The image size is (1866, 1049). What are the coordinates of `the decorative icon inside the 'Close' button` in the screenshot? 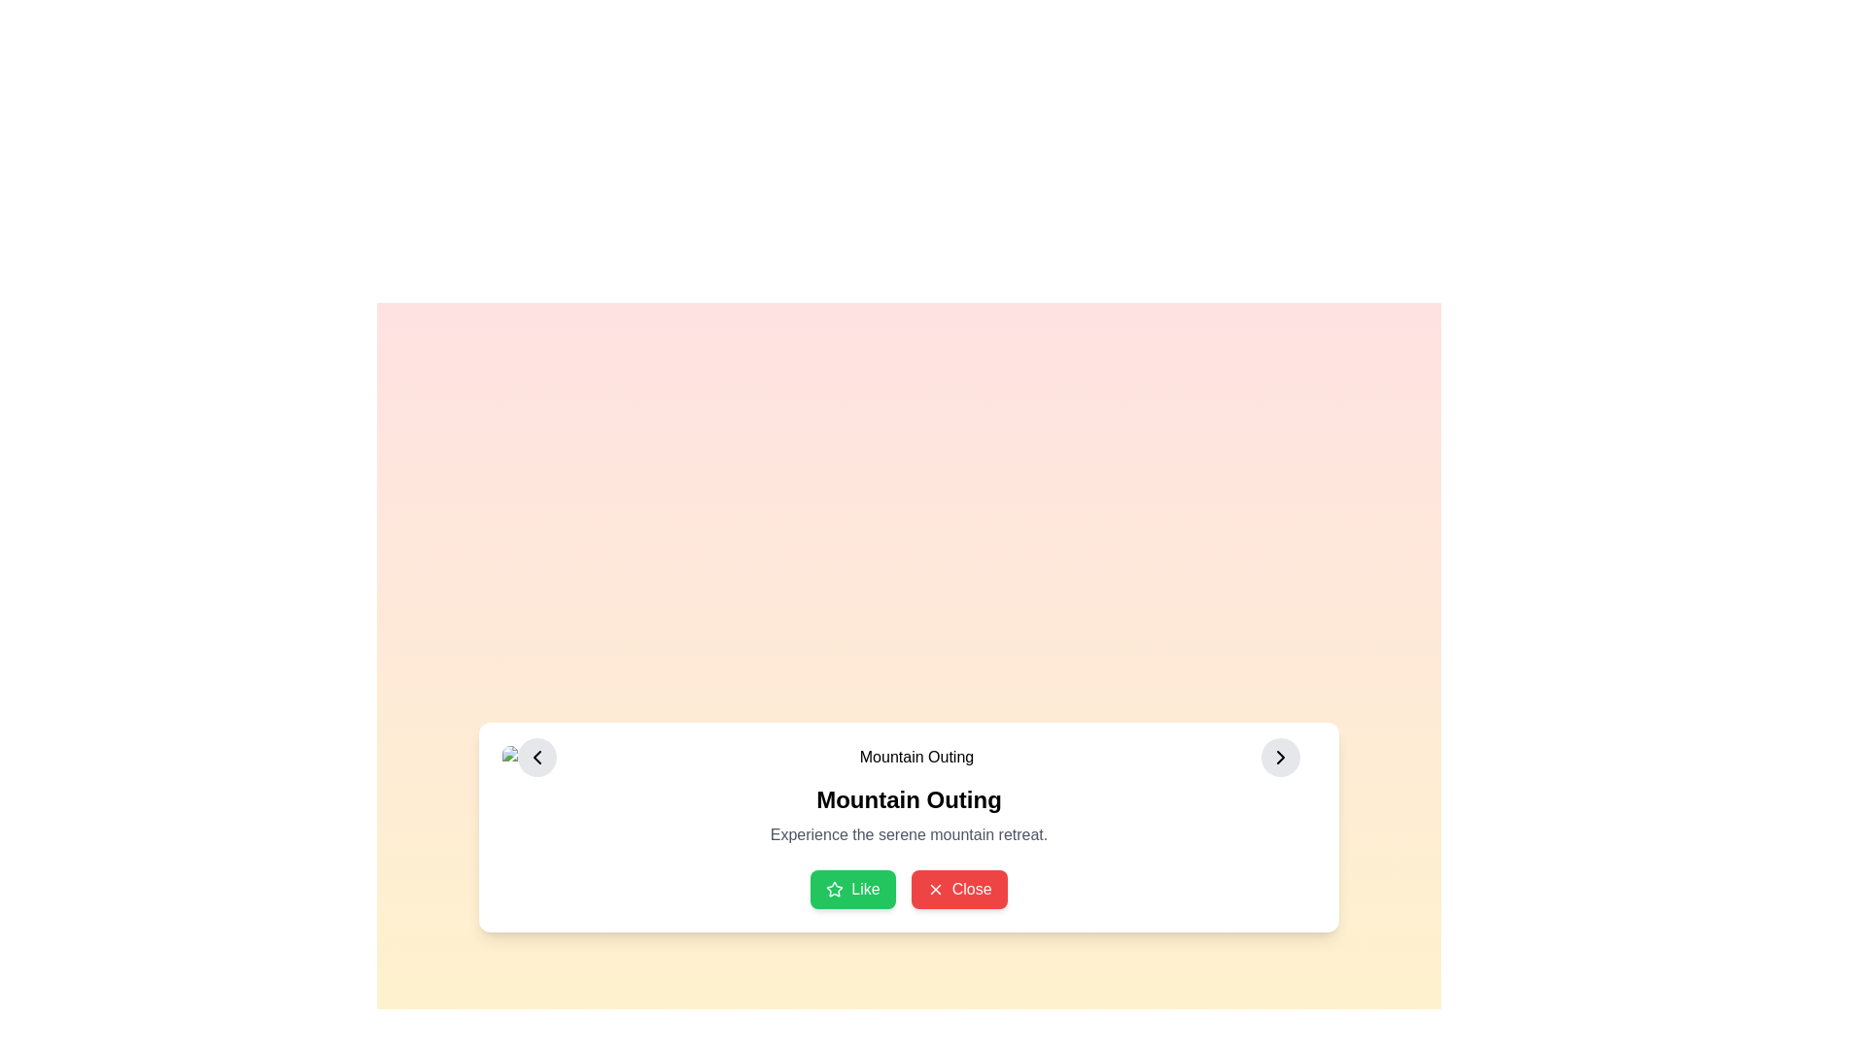 It's located at (935, 889).